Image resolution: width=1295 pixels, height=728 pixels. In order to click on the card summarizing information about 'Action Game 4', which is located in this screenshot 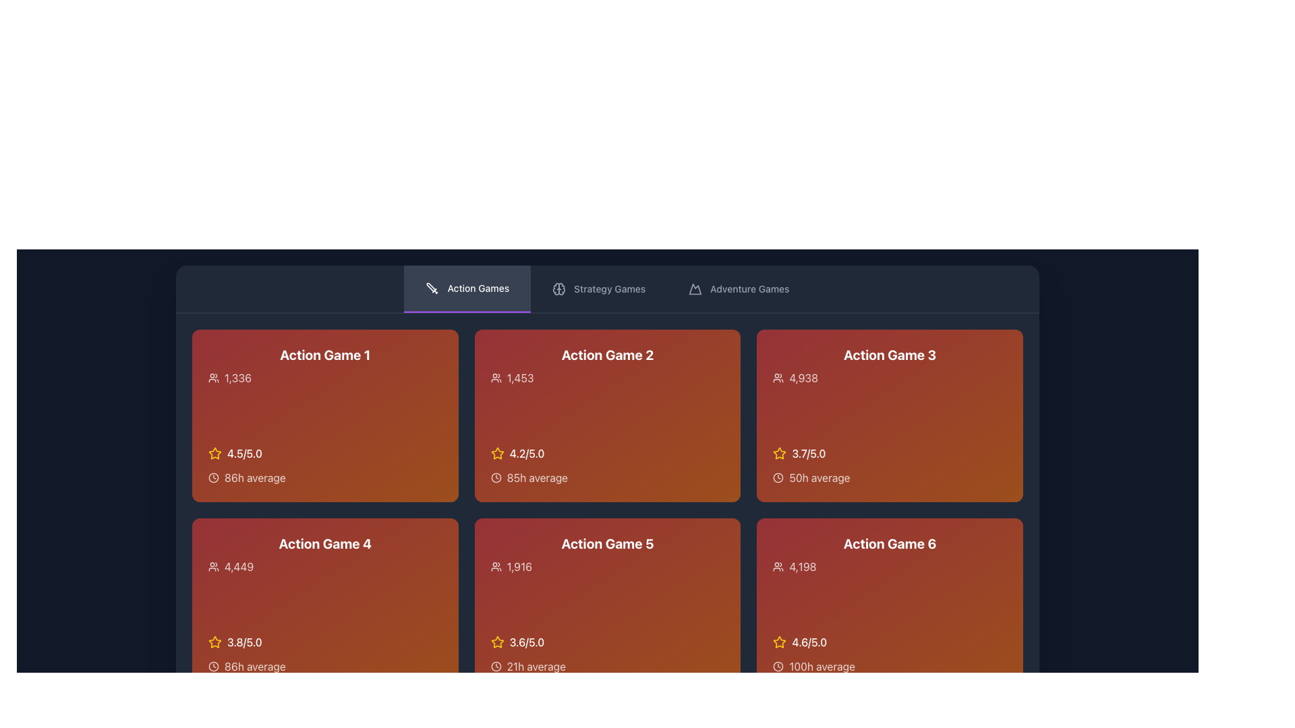, I will do `click(325, 604)`.